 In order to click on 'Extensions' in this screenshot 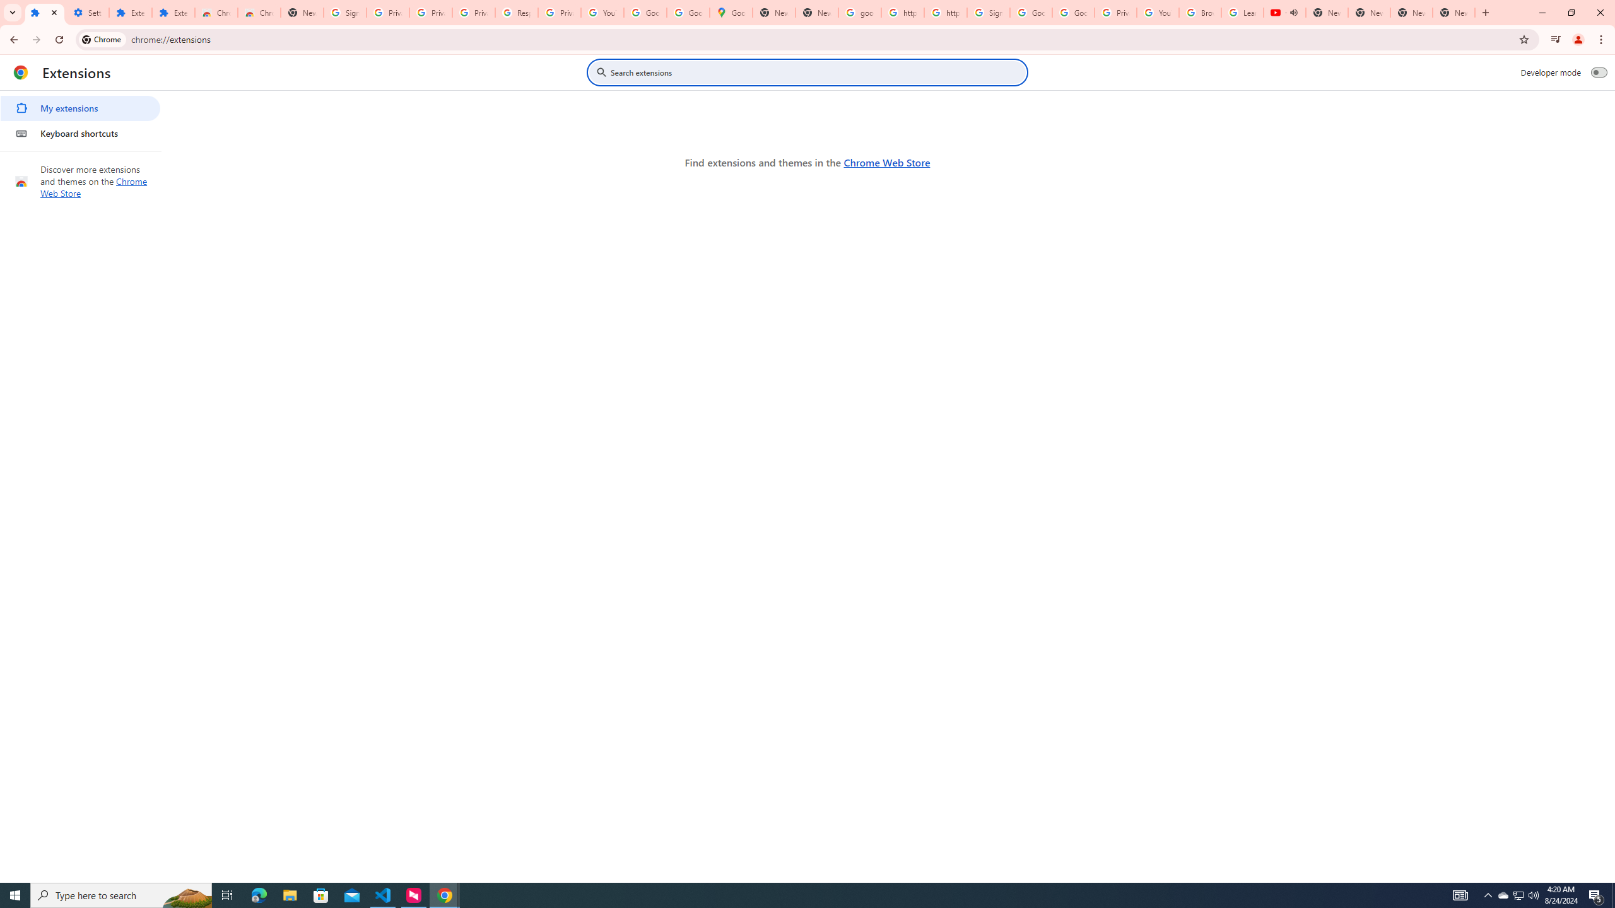, I will do `click(173, 12)`.